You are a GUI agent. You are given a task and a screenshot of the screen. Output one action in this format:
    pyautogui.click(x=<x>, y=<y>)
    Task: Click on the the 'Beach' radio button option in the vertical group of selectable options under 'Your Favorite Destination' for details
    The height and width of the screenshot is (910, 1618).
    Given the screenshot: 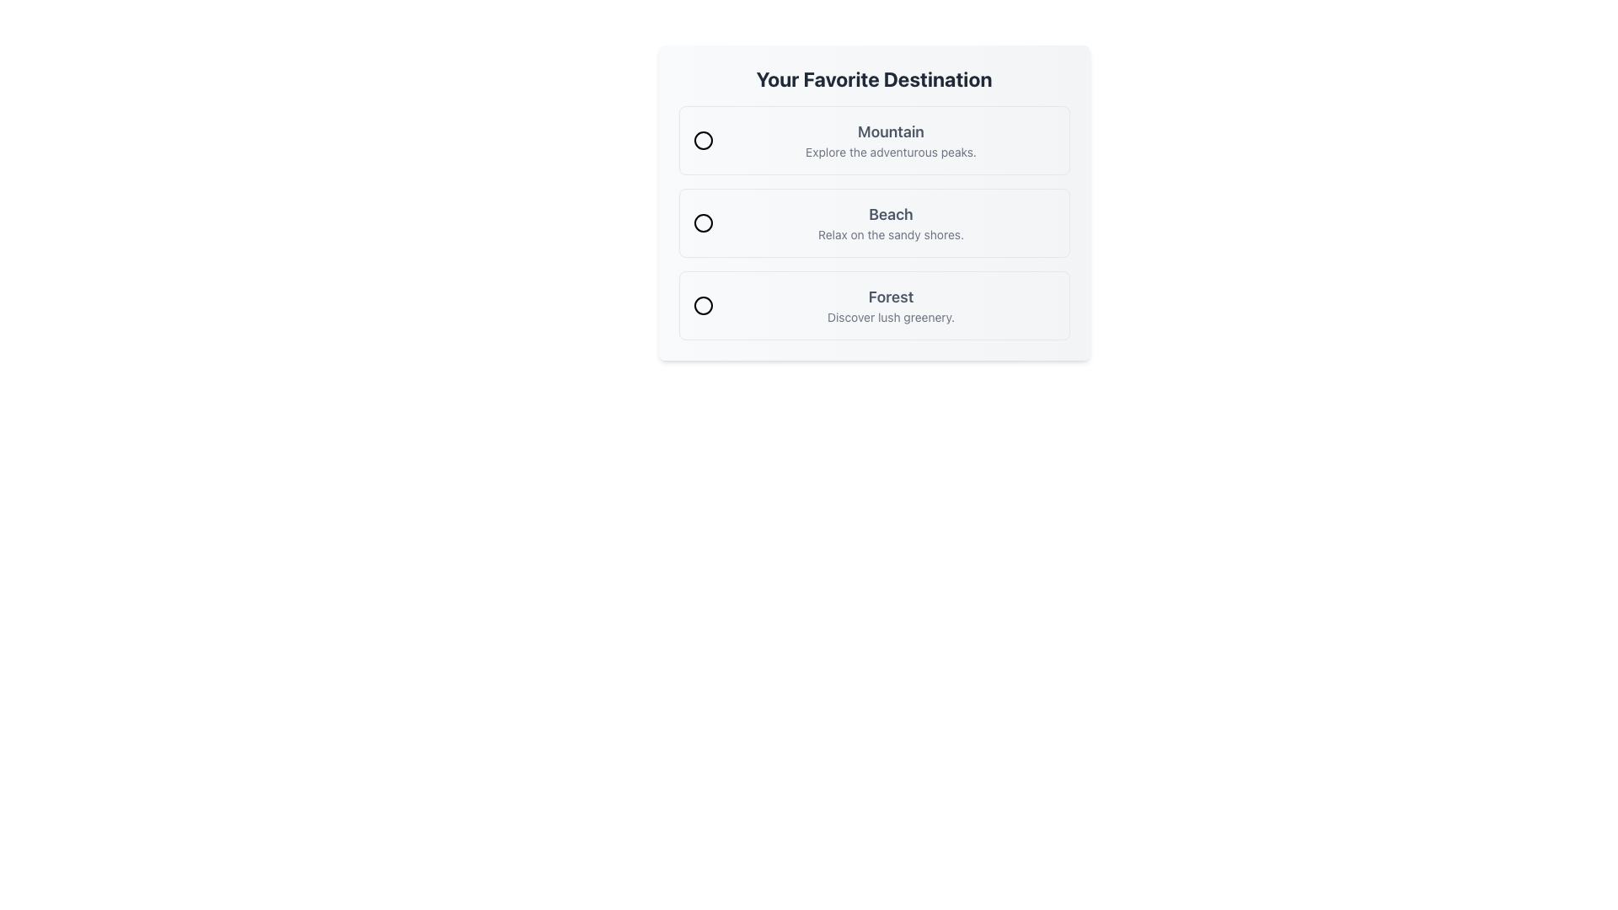 What is the action you would take?
    pyautogui.click(x=874, y=222)
    